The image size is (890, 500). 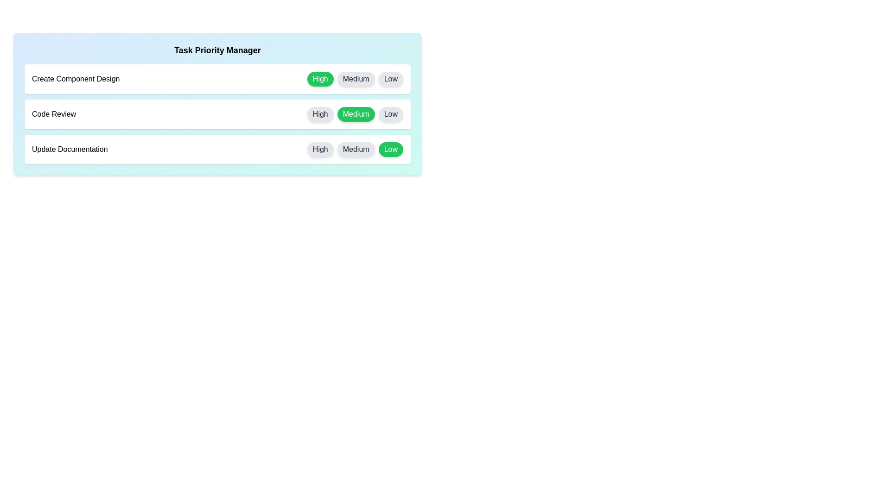 I want to click on the priority button labeled High for the task Update Documentation, so click(x=320, y=149).